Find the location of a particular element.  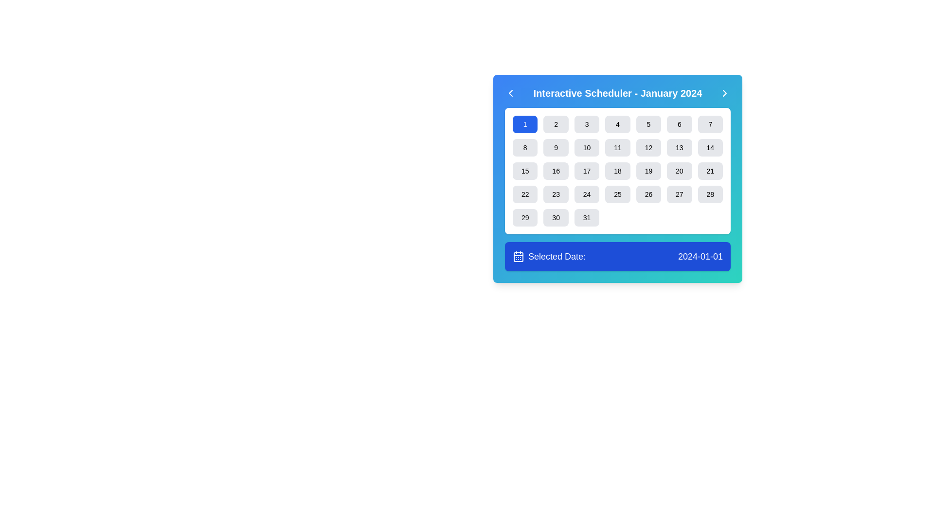

the rounded rectangle element that is part of the calendar SVG icon, located to the left of the 'Selected Date' text in the footer area is located at coordinates (518, 256).